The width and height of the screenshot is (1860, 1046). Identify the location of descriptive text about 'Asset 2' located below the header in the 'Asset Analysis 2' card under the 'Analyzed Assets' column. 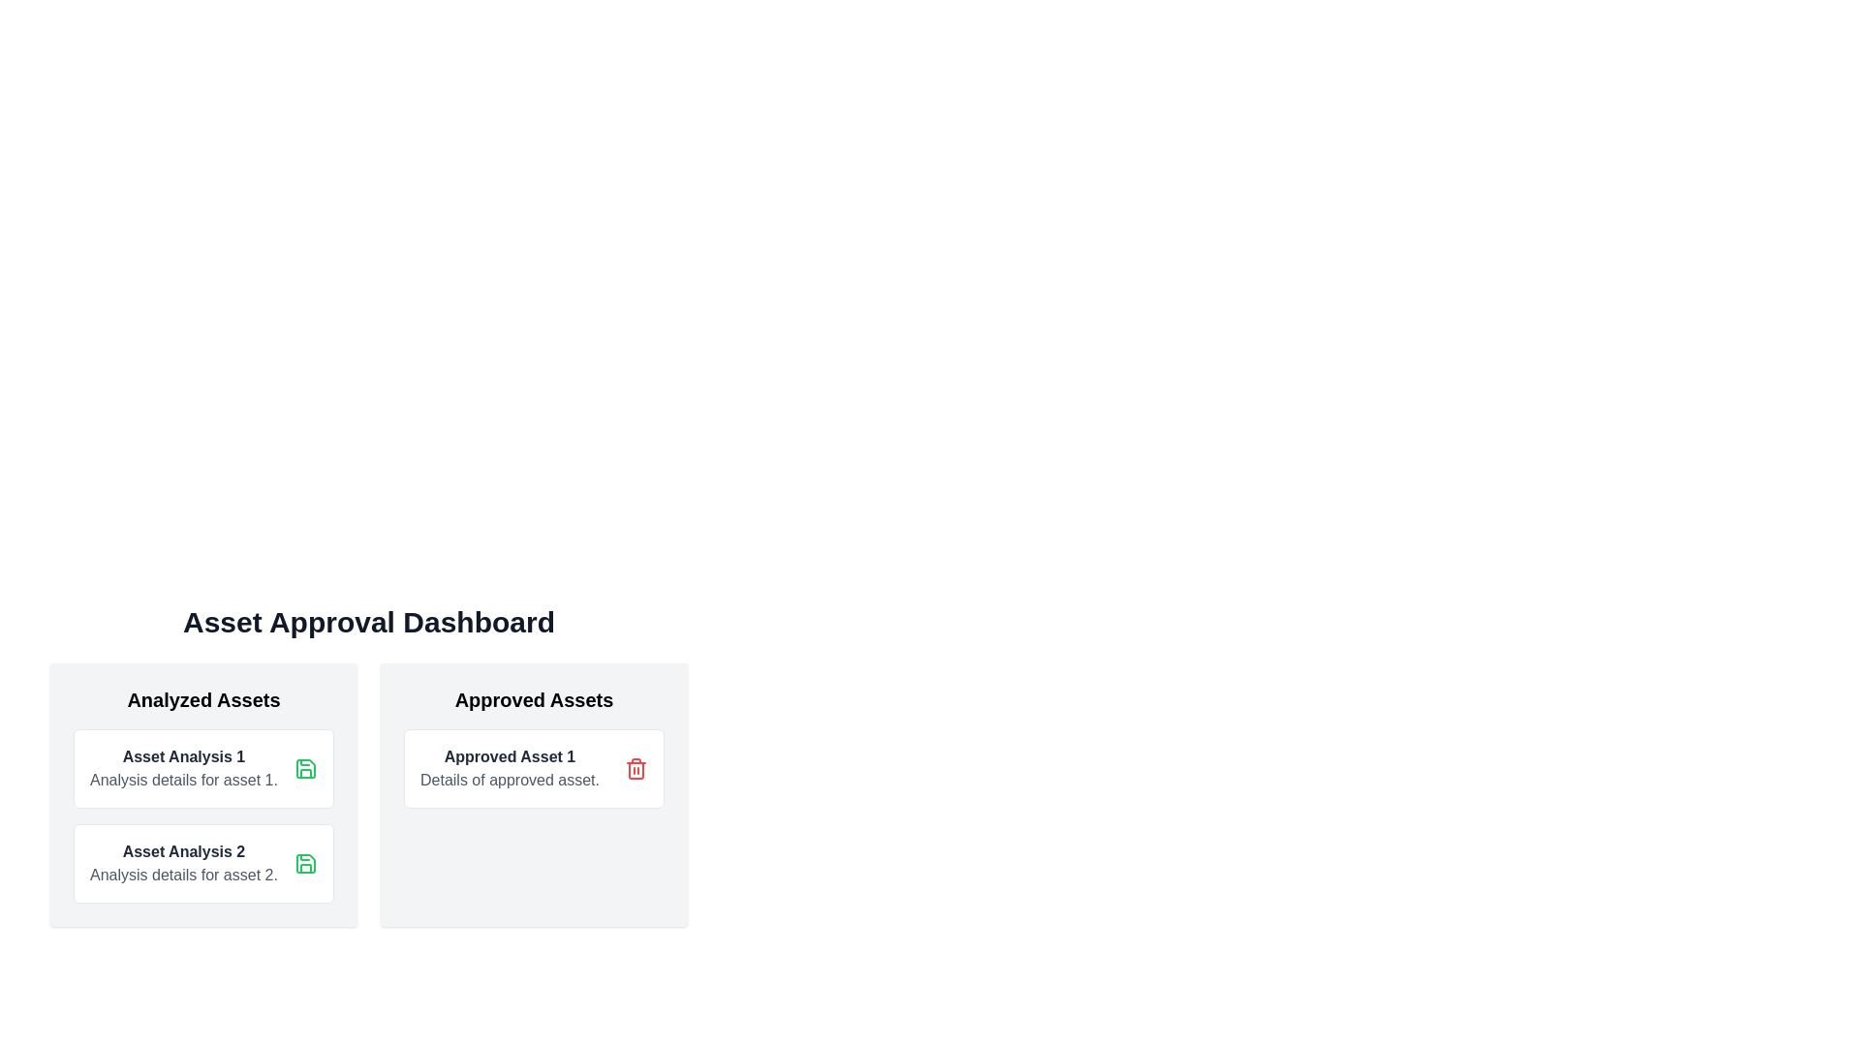
(183, 875).